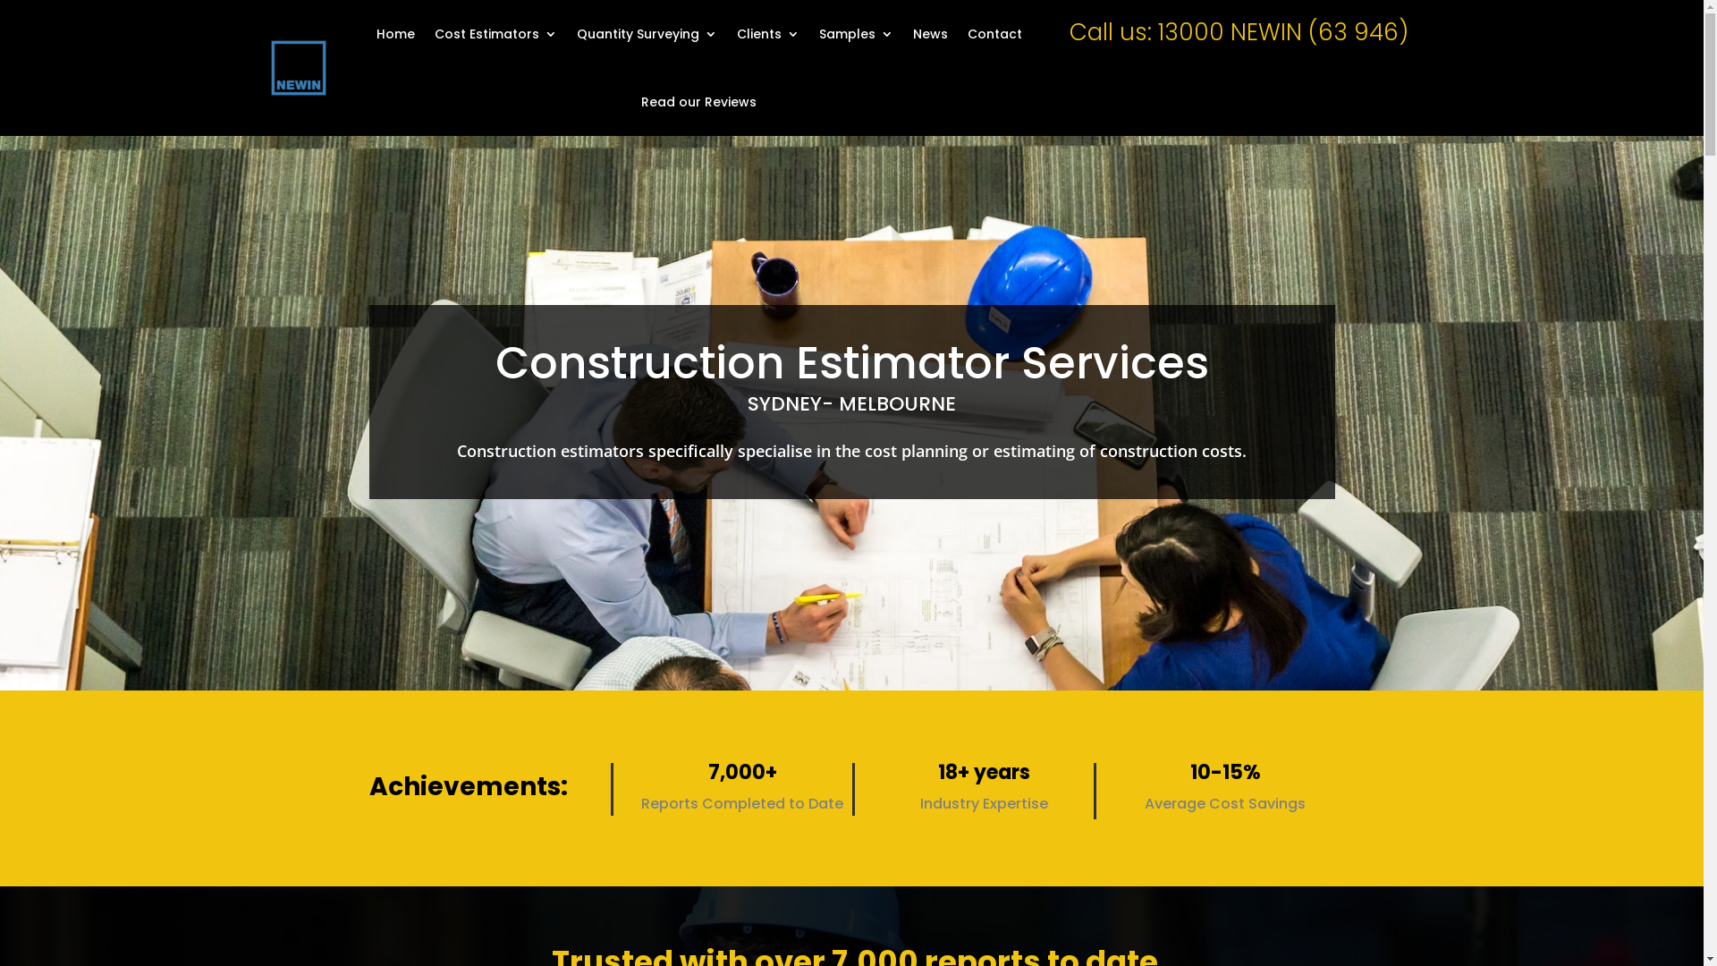  What do you see at coordinates (913, 34) in the screenshot?
I see `'News'` at bounding box center [913, 34].